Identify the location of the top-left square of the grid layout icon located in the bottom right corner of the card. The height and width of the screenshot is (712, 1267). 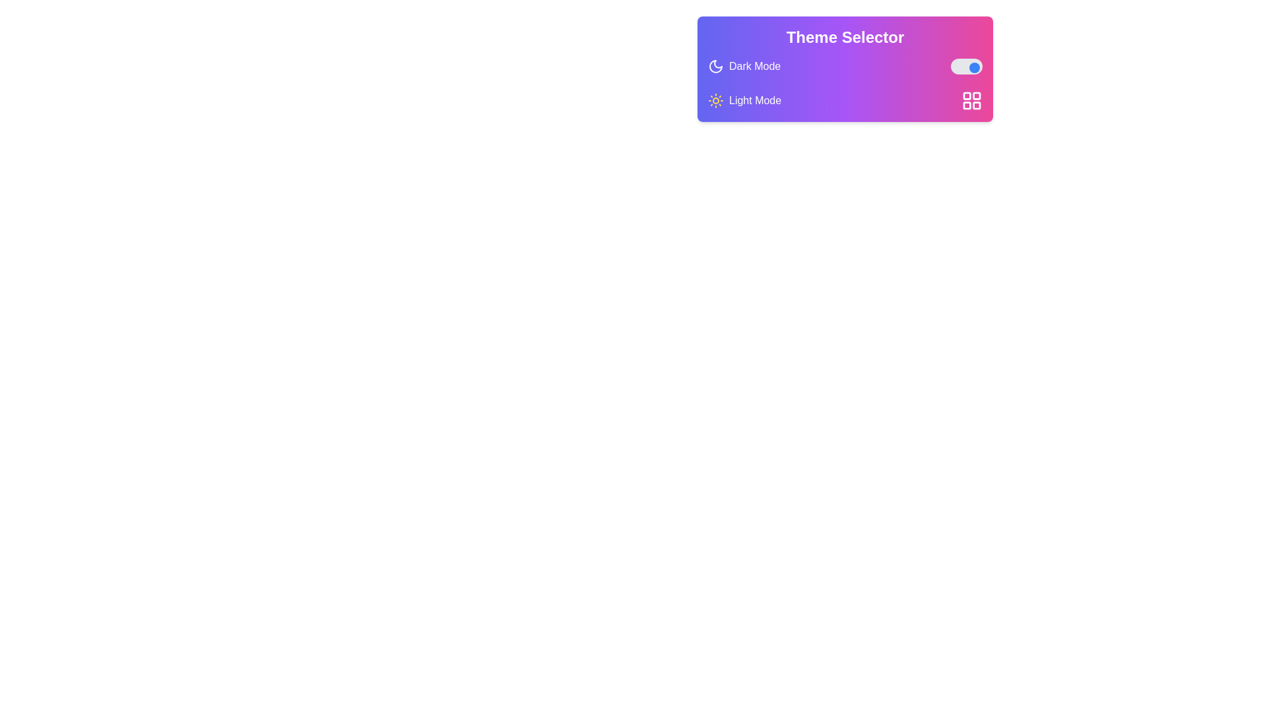
(967, 95).